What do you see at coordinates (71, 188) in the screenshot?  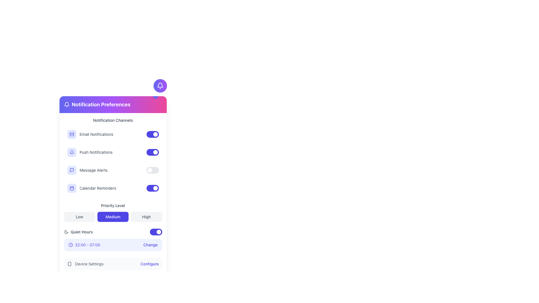 I see `the indigo calendar-shaped icon, which has a minimalist design and is located in the fourth row of notification channel icons, adjacent to the 'Calendar Reminders' text label` at bounding box center [71, 188].